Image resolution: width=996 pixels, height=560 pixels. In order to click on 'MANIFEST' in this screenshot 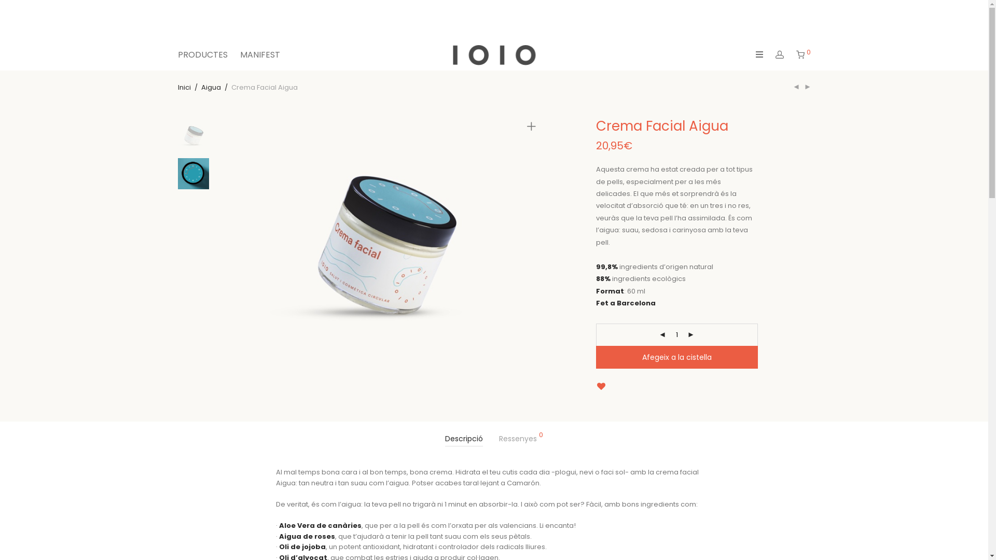, I will do `click(233, 54)`.